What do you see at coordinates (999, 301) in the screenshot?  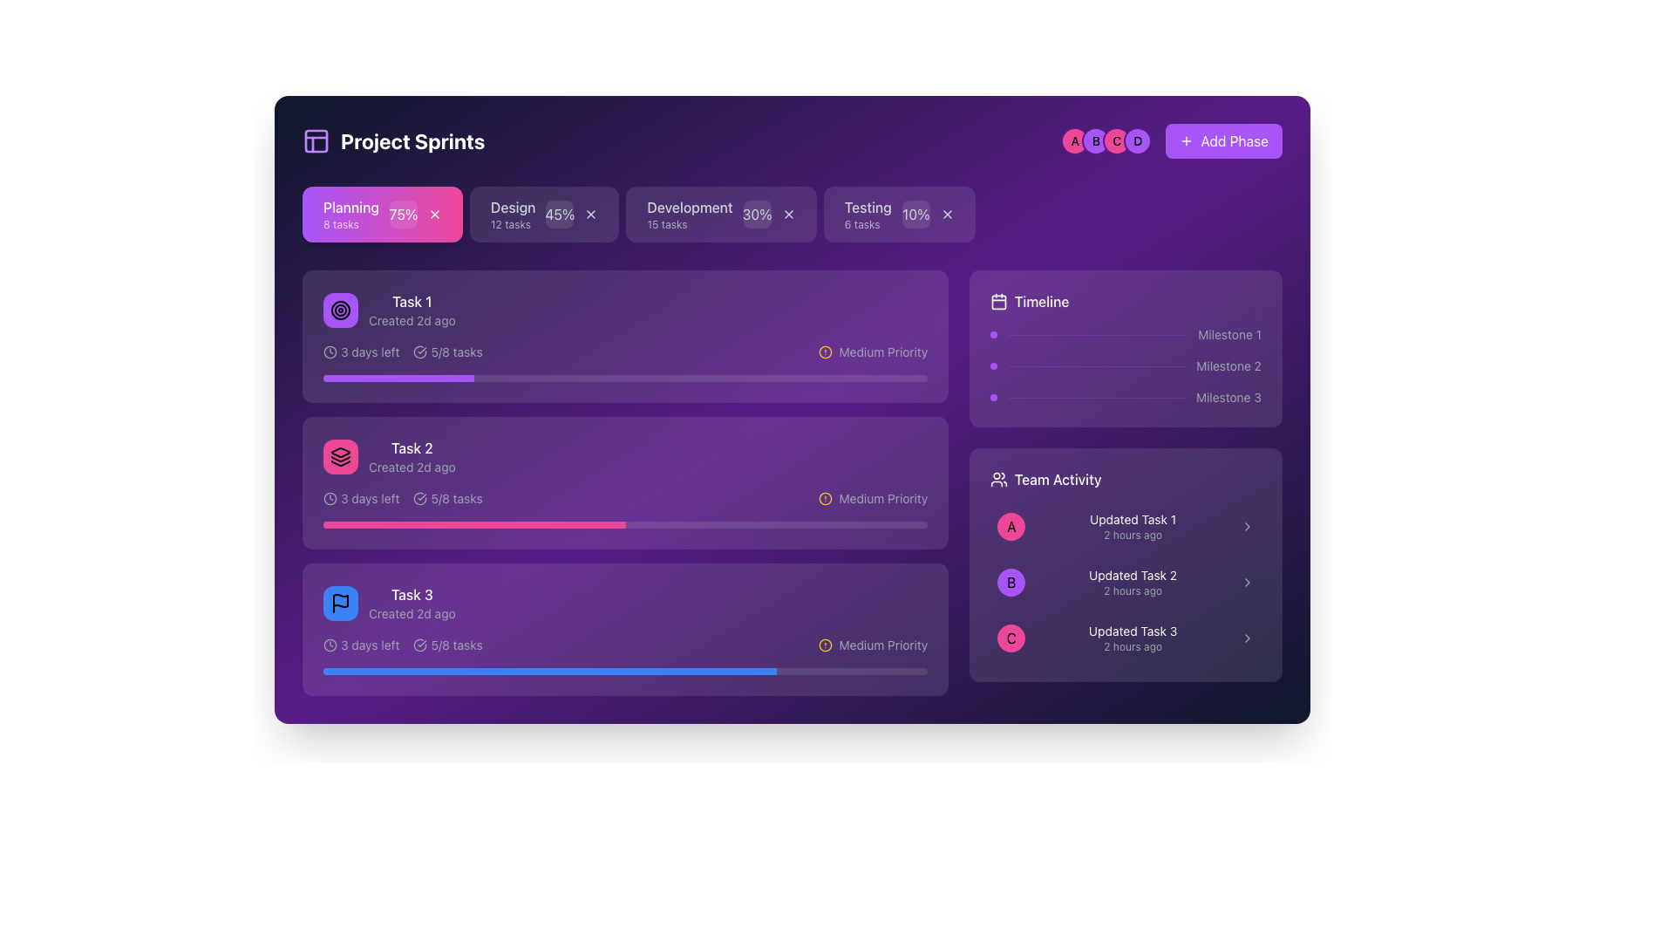 I see `the calendar icon with a segmented box structure located to the left of the 'Timeline' header text, which is styled in white against a purple background` at bounding box center [999, 301].